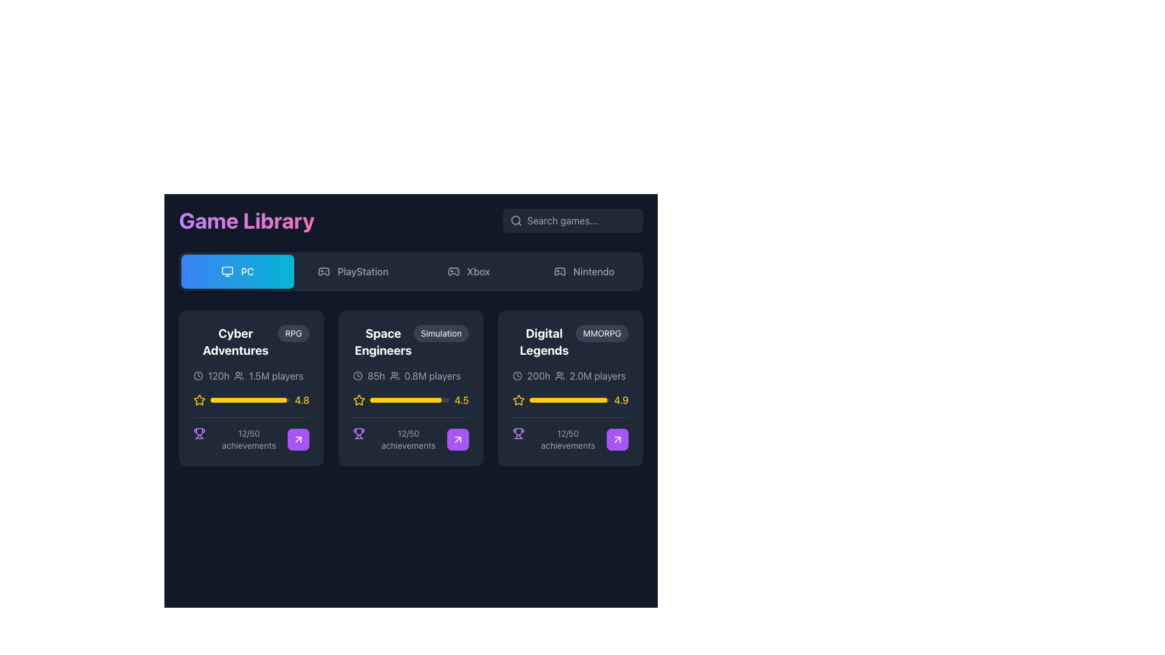 This screenshot has height=655, width=1165. Describe the element at coordinates (406, 400) in the screenshot. I see `the progress bar located beneath the star icon and rating text ('4.5') of the 'Space Engineers' card, which is the second card in a row of three similar game cards` at that location.